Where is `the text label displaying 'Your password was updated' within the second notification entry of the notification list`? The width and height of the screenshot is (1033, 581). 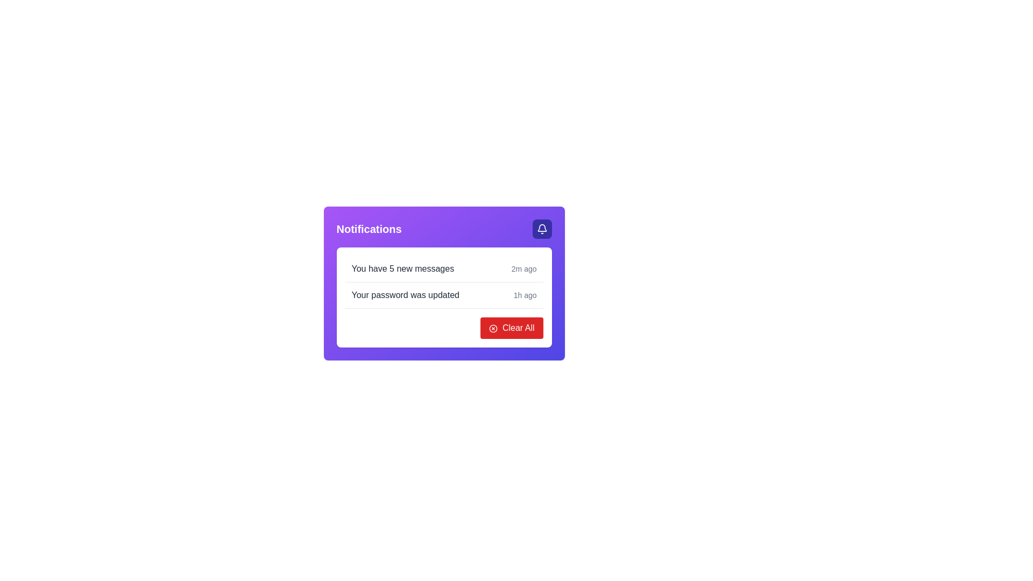
the text label displaying 'Your password was updated' within the second notification entry of the notification list is located at coordinates (405, 295).